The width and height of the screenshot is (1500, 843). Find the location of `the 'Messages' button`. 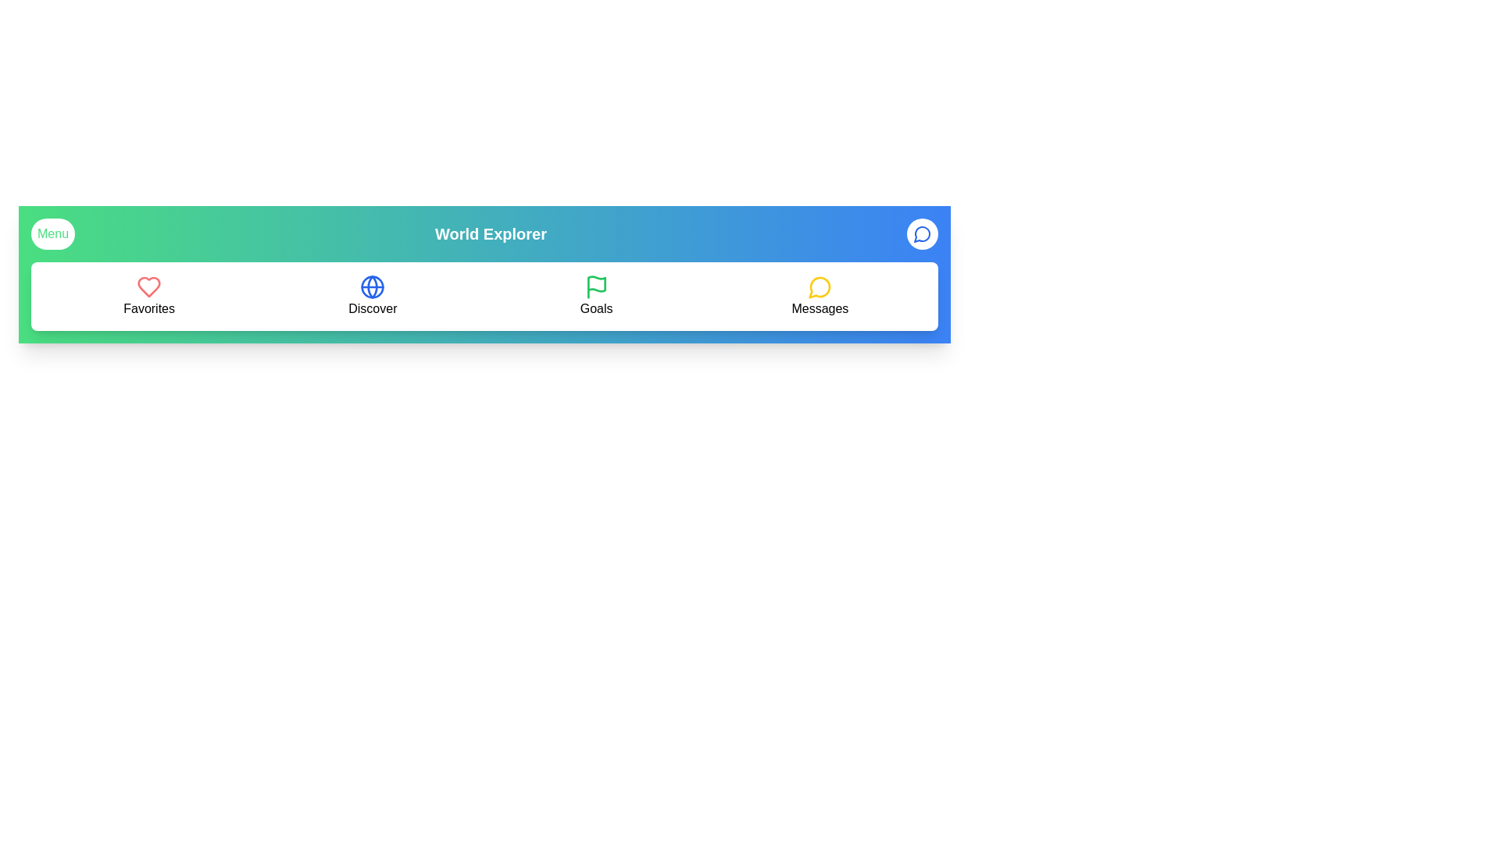

the 'Messages' button is located at coordinates (819, 297).